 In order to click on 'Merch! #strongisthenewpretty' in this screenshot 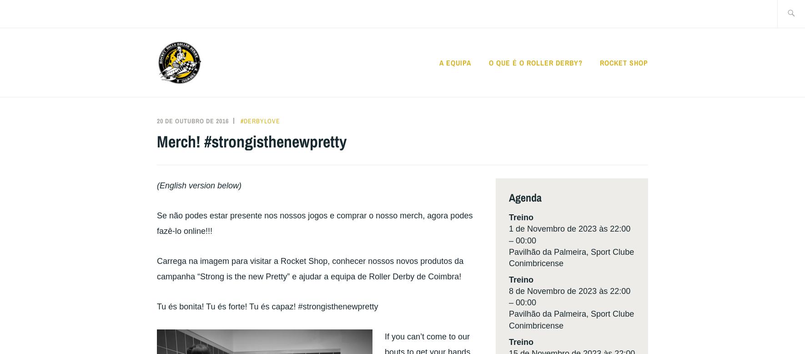, I will do `click(252, 141)`.